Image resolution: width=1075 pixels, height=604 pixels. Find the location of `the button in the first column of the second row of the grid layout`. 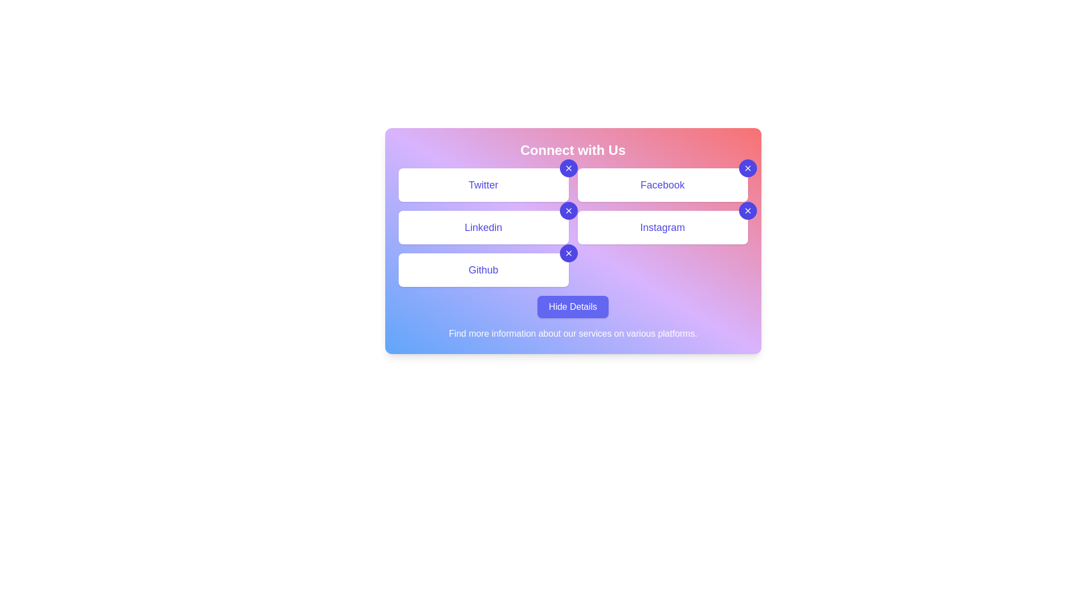

the button in the first column of the second row of the grid layout is located at coordinates (483, 227).